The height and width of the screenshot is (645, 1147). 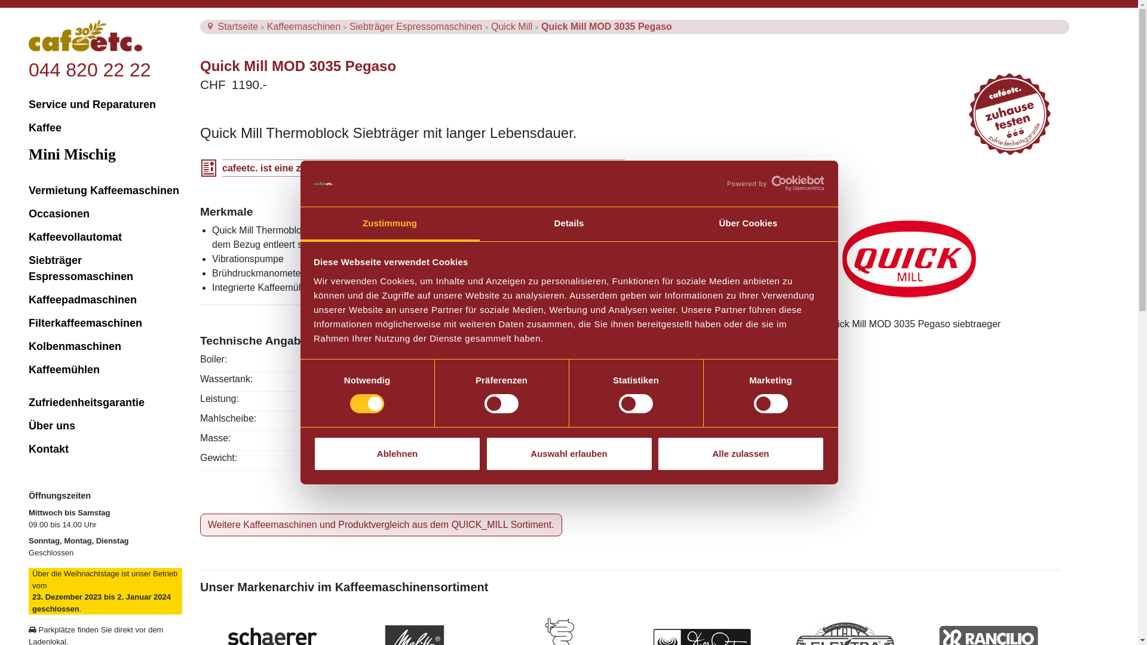 What do you see at coordinates (397, 453) in the screenshot?
I see `'Ablehnen'` at bounding box center [397, 453].